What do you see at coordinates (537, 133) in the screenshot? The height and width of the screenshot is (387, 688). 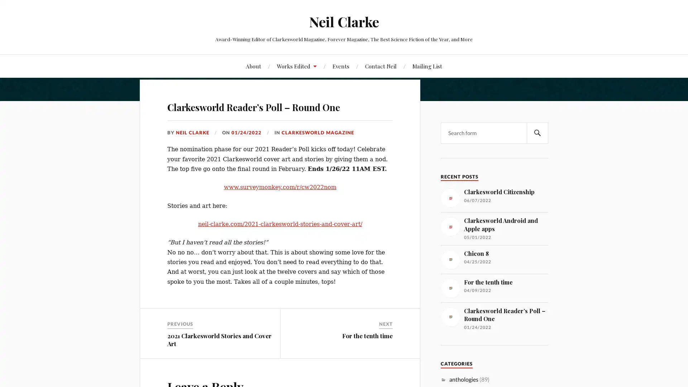 I see `SEARCH` at bounding box center [537, 133].